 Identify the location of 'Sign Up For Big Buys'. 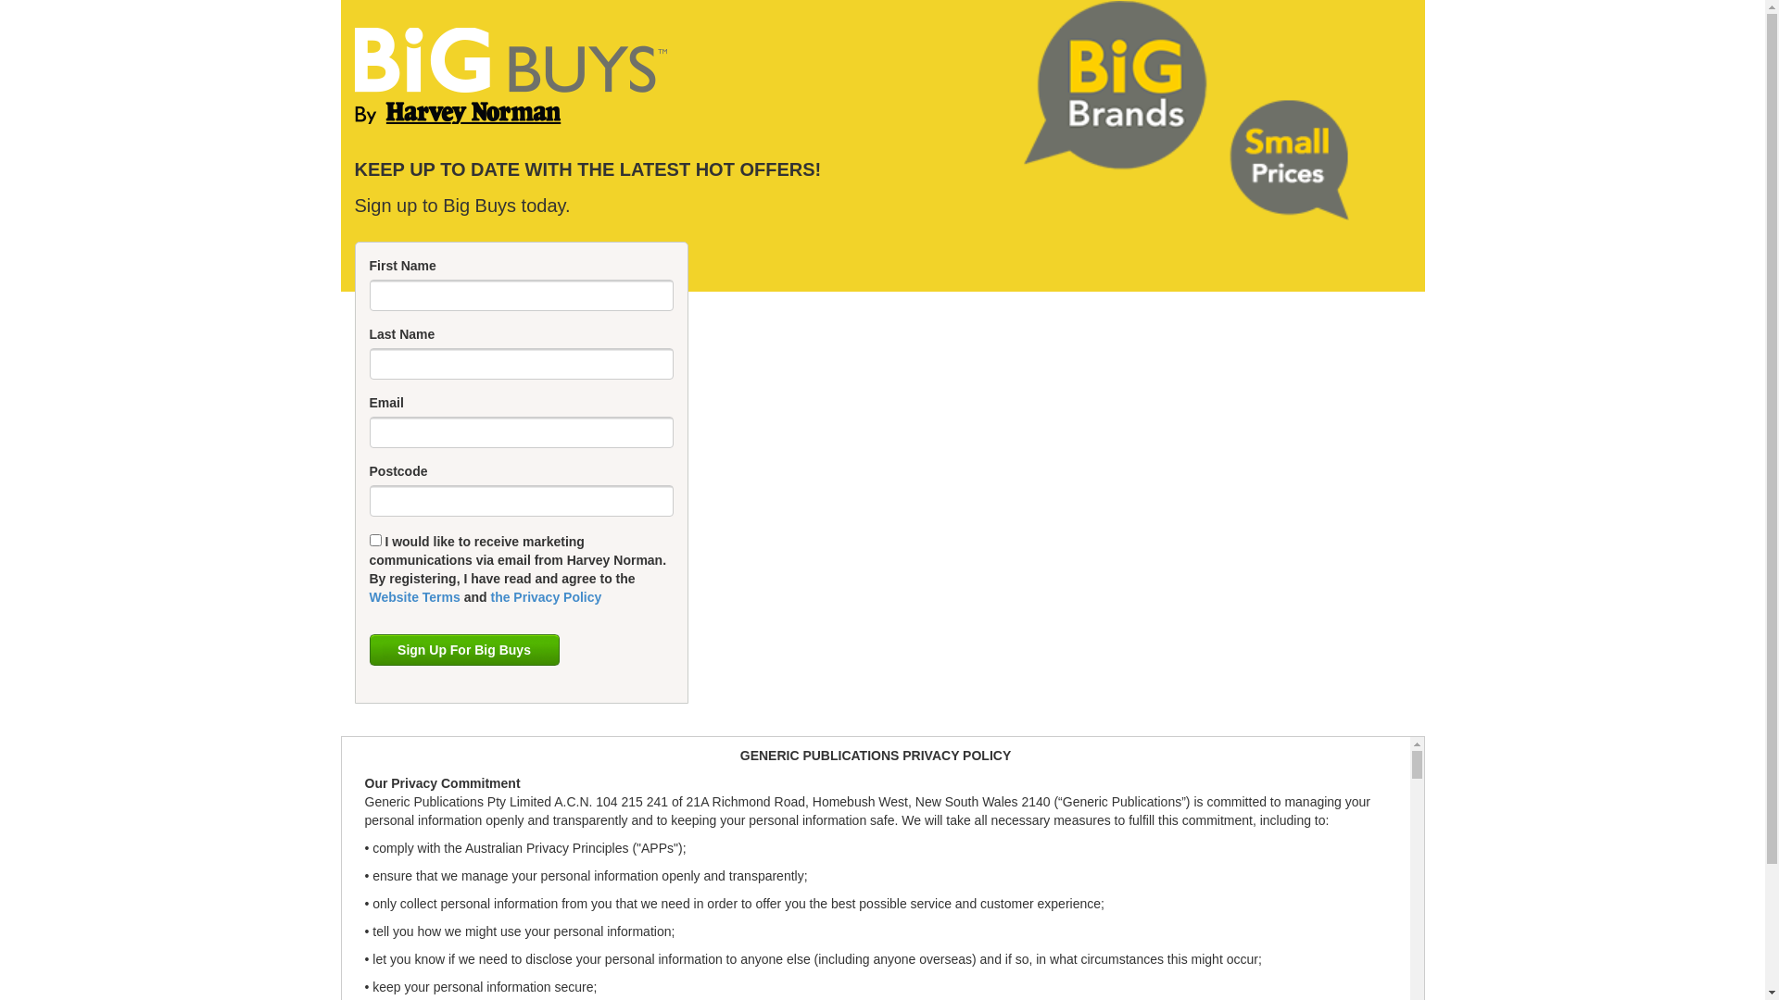
(463, 649).